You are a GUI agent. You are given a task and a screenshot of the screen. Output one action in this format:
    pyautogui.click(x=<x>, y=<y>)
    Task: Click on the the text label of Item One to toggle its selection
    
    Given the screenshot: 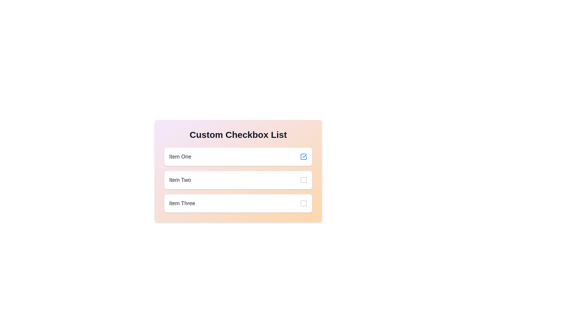 What is the action you would take?
    pyautogui.click(x=180, y=156)
    